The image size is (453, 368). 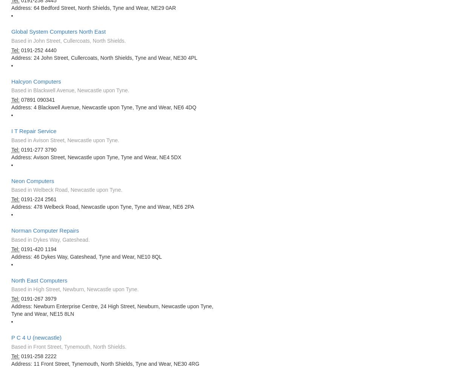 I want to click on 'Address: 11 Front Street, Tynemouth, North Shields, Tyne and Wear, NE30 4RG', so click(x=11, y=363).